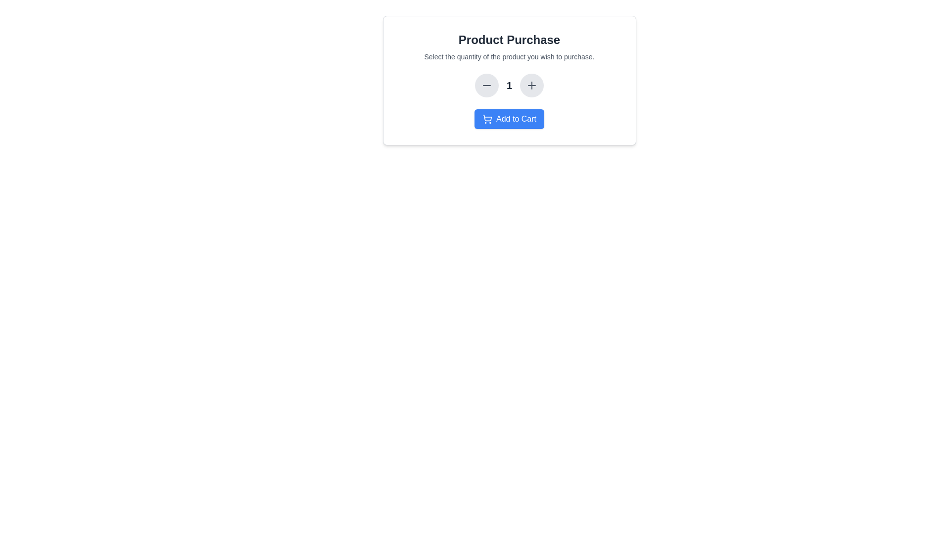  I want to click on the leftmost button in the set of three to decrease the quantity of the selected product by one, so click(486, 85).